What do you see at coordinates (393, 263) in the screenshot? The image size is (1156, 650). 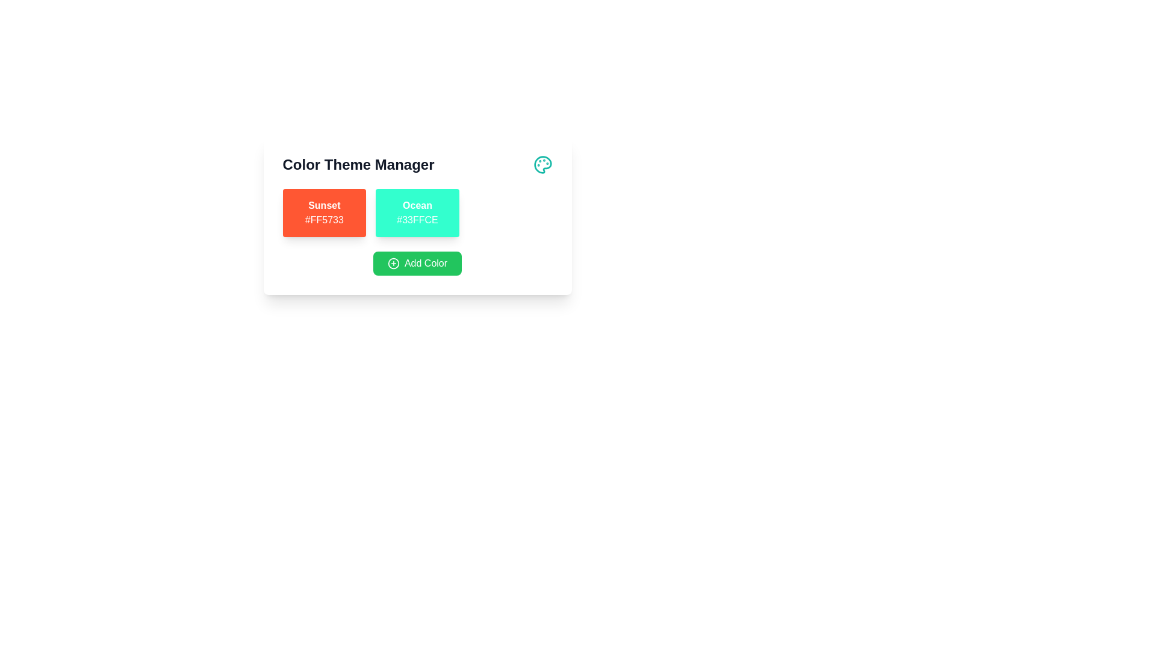 I see `the decorative circle component of the icon that suggests the functionality to add a color, located below the 'Sunset' and 'Ocean' color rectangles in the 'Color Theme Manager' card` at bounding box center [393, 263].